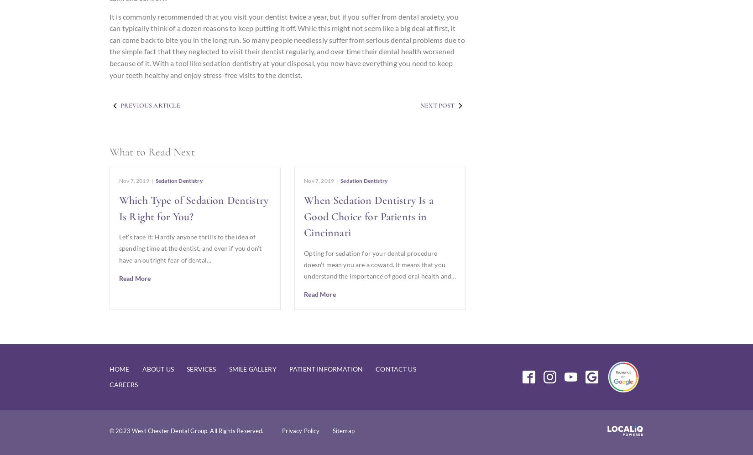 The image size is (753, 455). What do you see at coordinates (343, 431) in the screenshot?
I see `'Sitemap'` at bounding box center [343, 431].